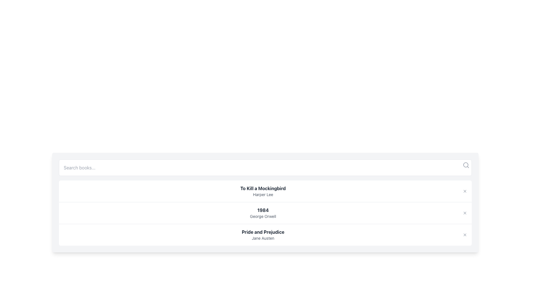 The width and height of the screenshot is (544, 306). I want to click on the list item displaying the book title '1984' by George Orwell, so click(265, 213).